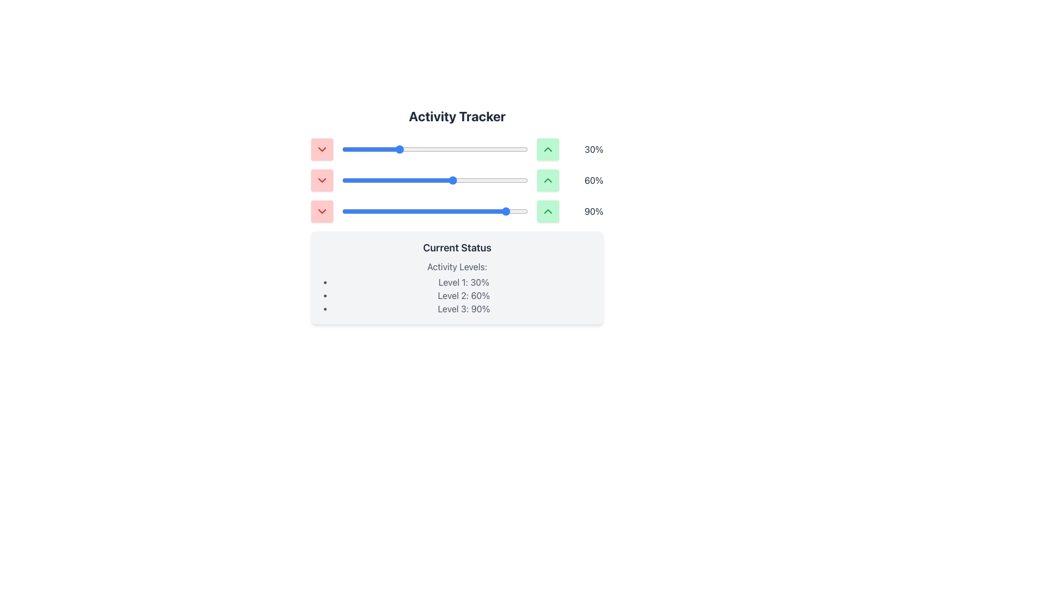 The image size is (1063, 598). Describe the element at coordinates (436, 211) in the screenshot. I see `the slider` at that location.